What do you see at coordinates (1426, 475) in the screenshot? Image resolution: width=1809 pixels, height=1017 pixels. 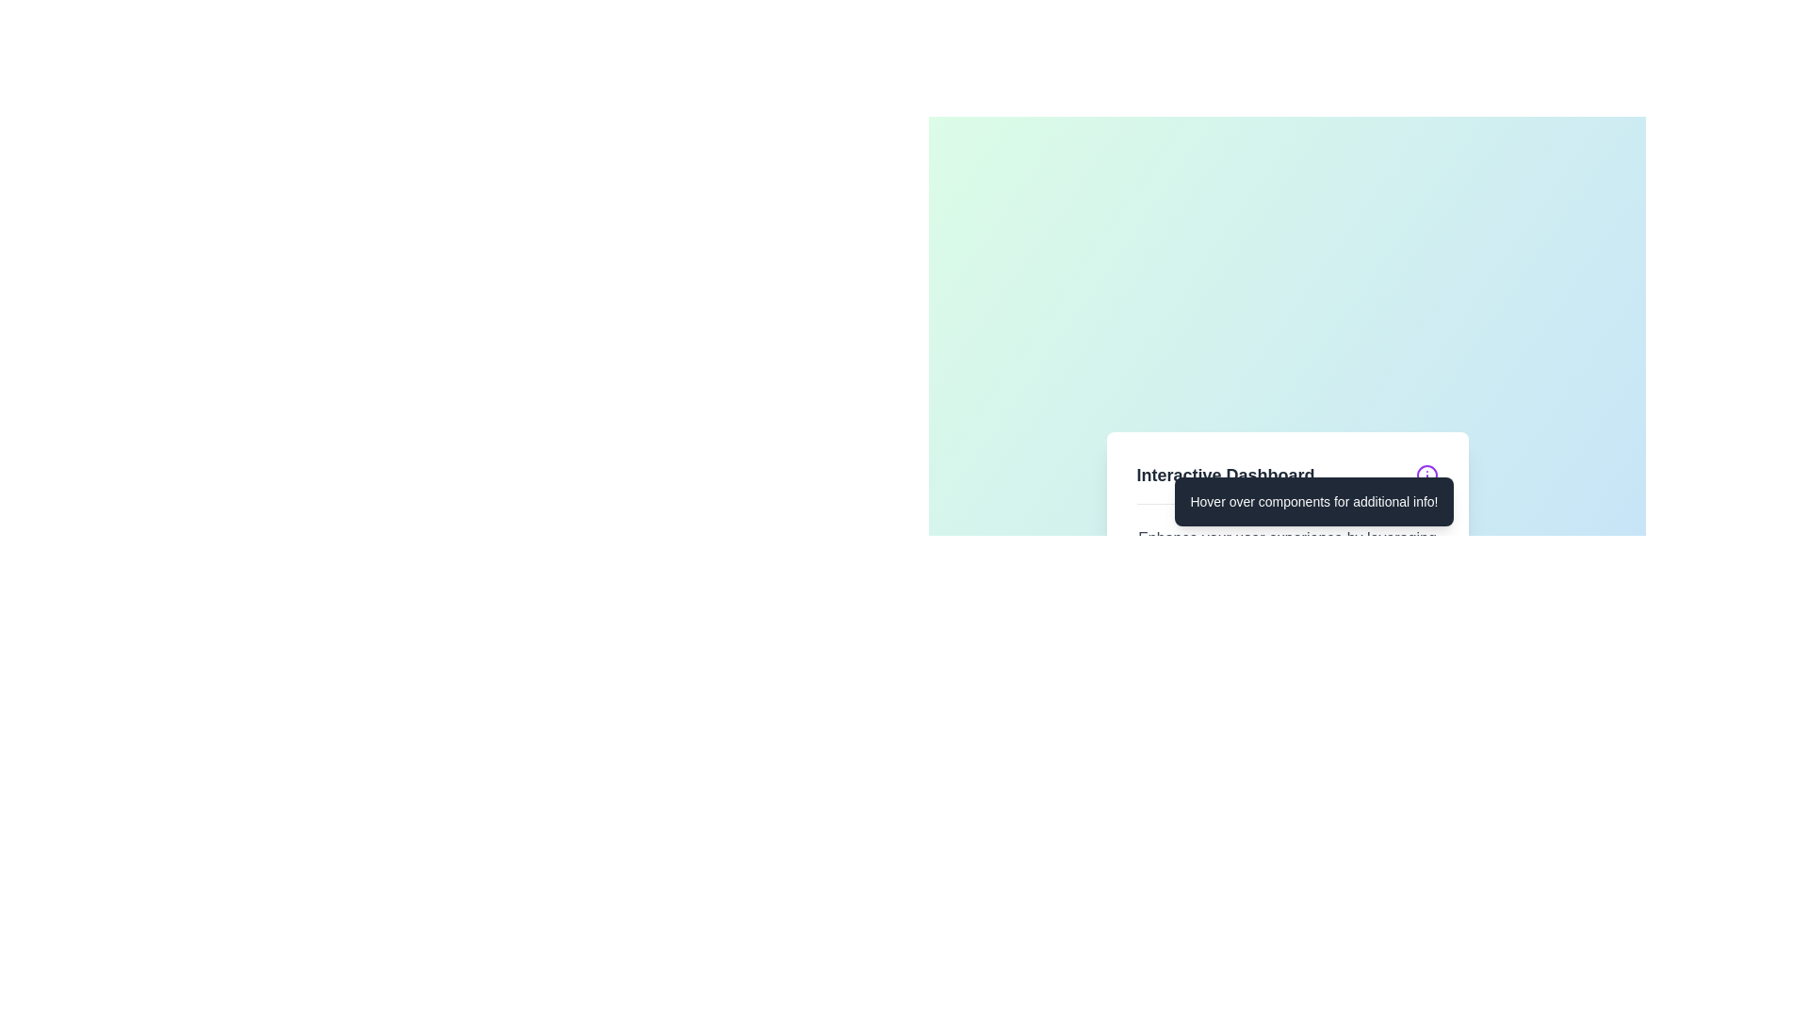 I see `the circular icon with a purple border and a small dot inside, located` at bounding box center [1426, 475].